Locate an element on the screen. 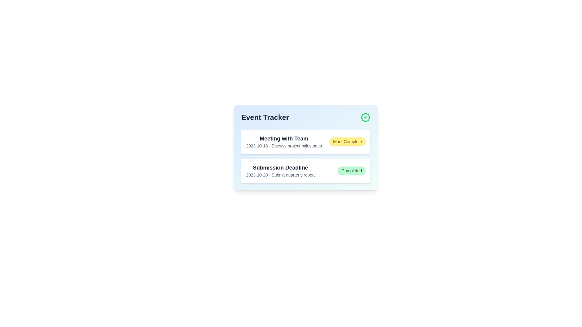 The width and height of the screenshot is (582, 327). the bold, extra-large title text 'Event Tracker' located in the top-left corner of the blue card interface is located at coordinates (265, 117).